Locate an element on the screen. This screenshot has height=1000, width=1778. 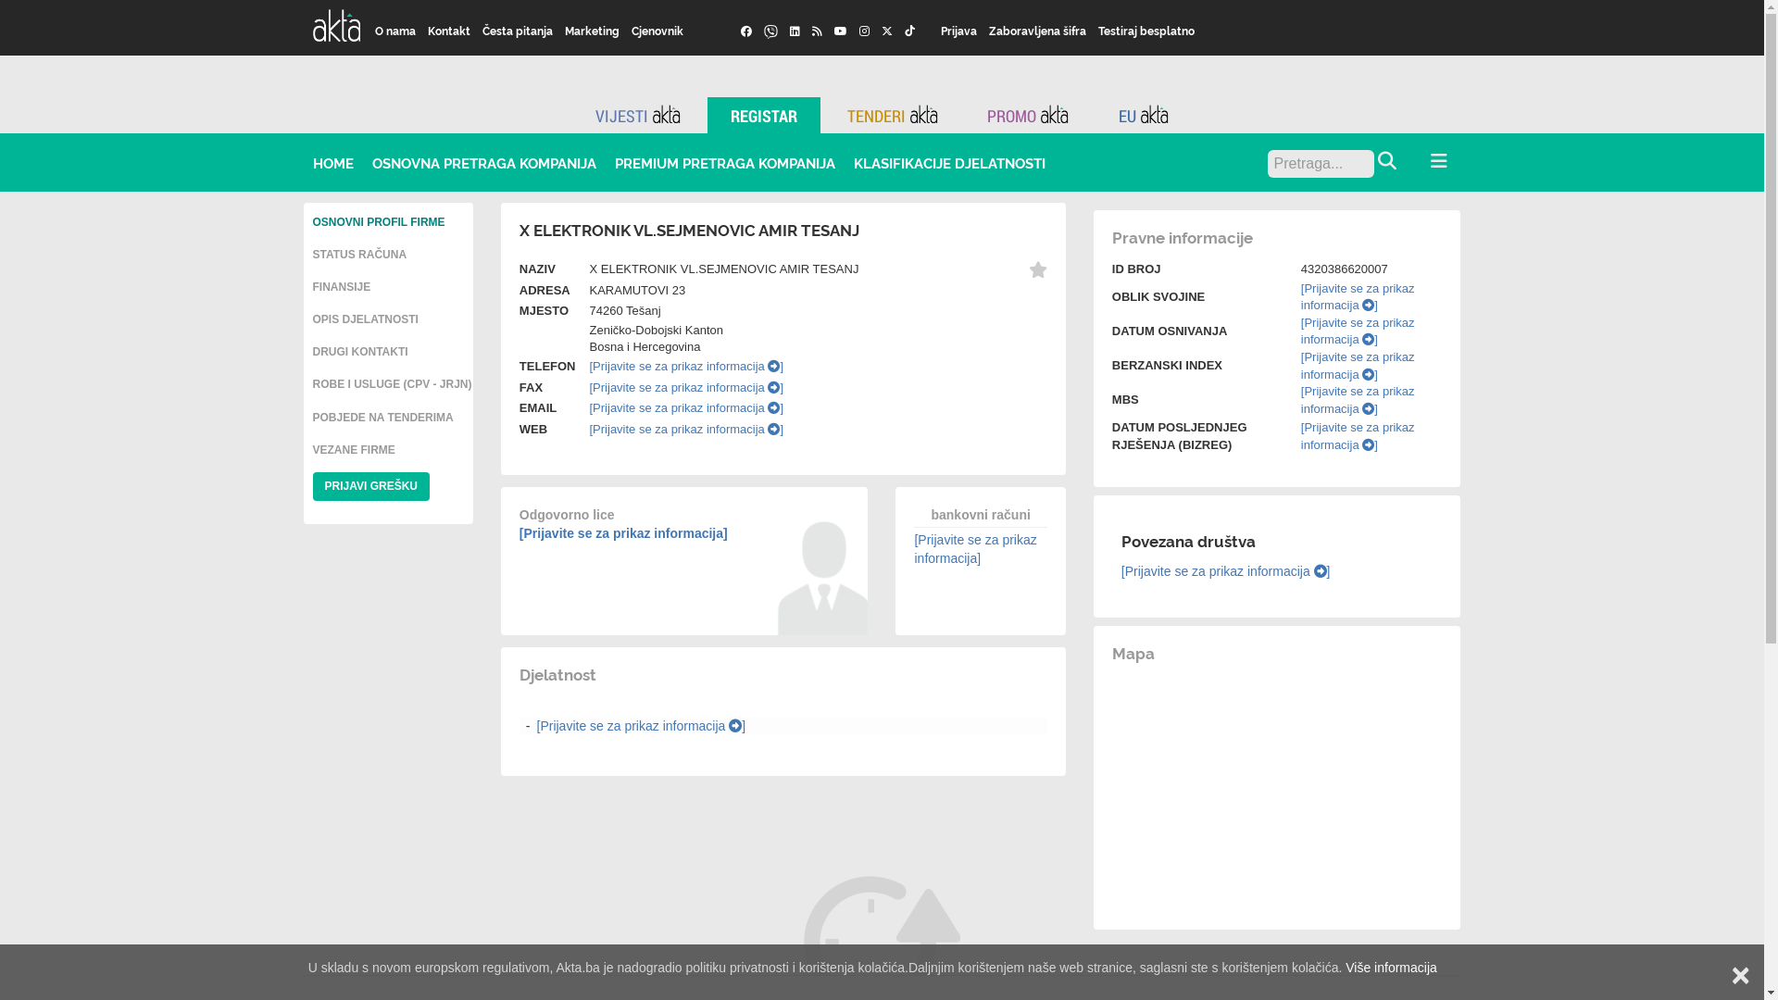
'OSNOVNA PRETRAGA KOMPANIJA' is located at coordinates (484, 162).